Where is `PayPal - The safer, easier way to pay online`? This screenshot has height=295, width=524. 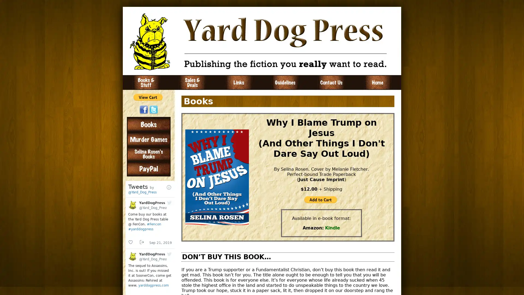 PayPal - The safer, easier way to pay online is located at coordinates (148, 97).